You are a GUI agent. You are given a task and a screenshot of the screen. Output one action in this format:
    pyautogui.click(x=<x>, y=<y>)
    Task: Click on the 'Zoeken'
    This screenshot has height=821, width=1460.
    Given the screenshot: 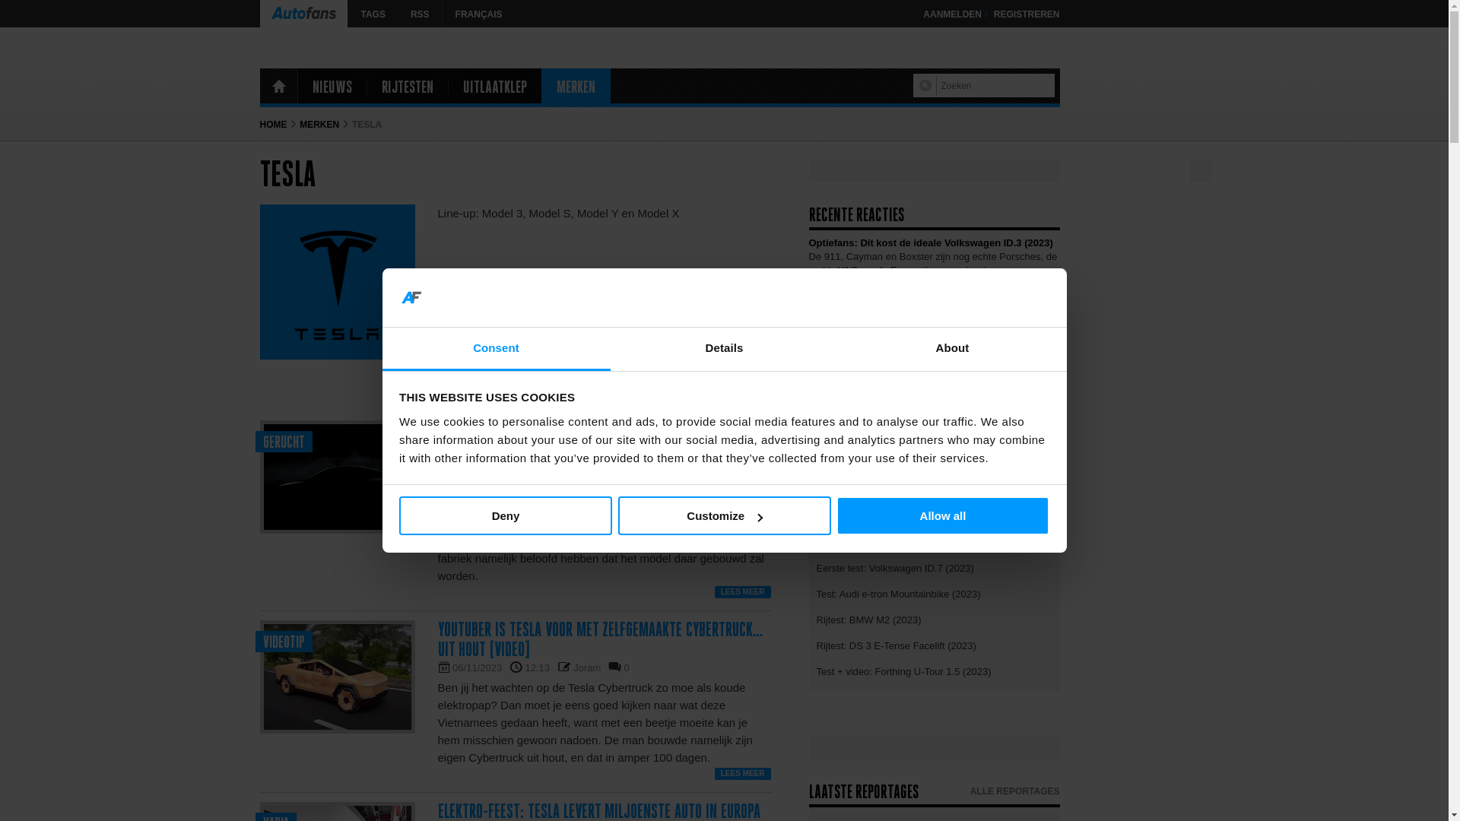 What is the action you would take?
    pyautogui.click(x=926, y=85)
    